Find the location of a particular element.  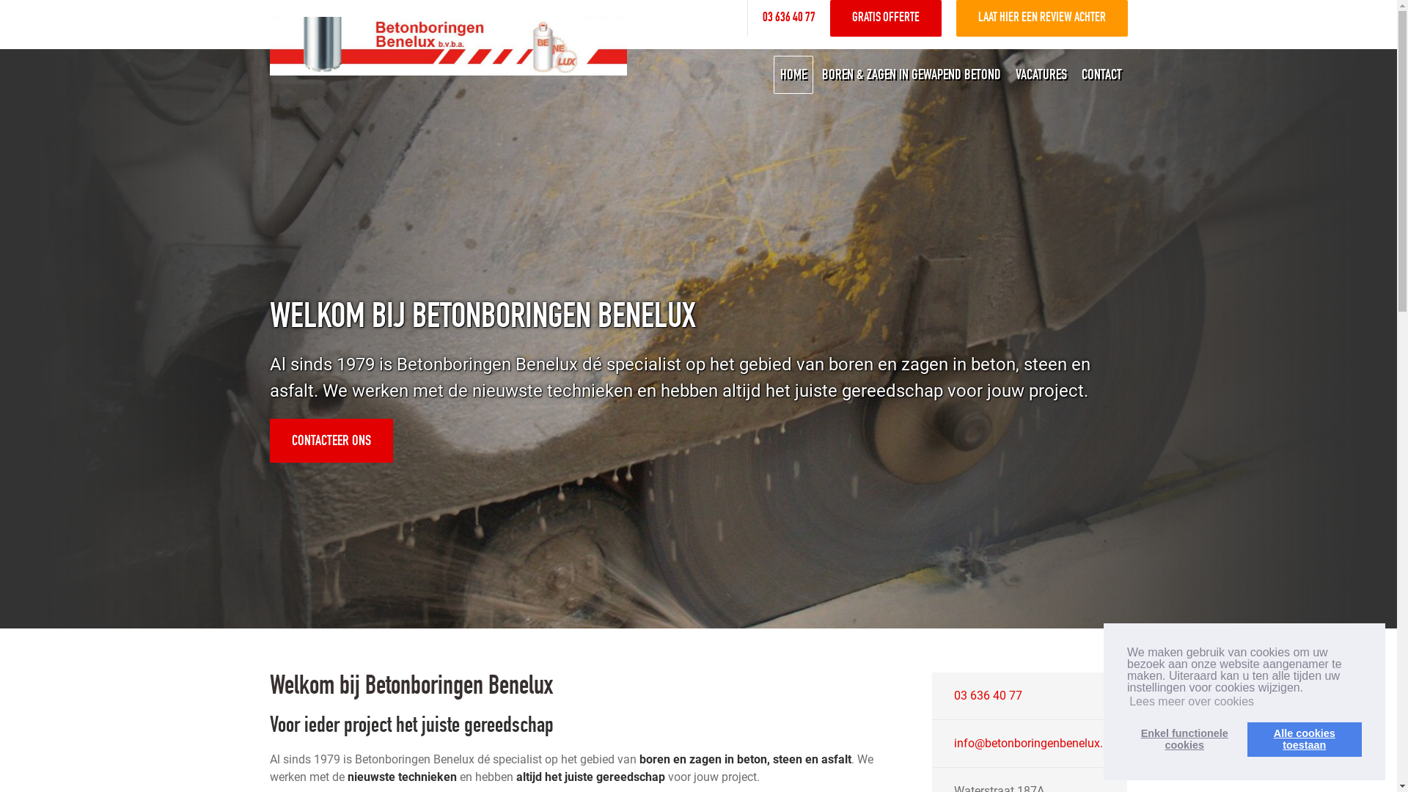

'info@betonboringenbenelux.be' is located at coordinates (1034, 743).